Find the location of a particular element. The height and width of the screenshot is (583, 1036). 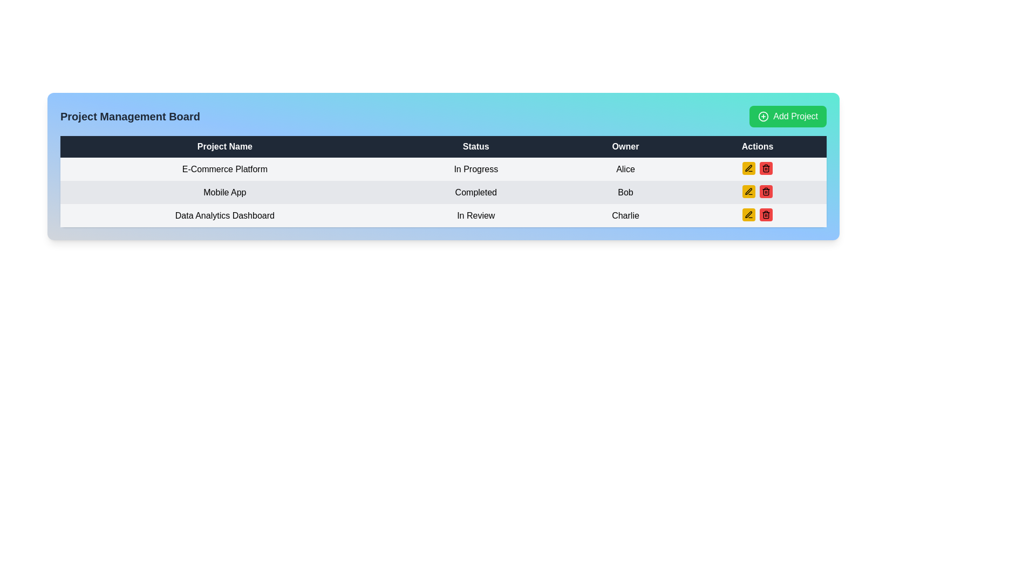

the trash can icon button that deletes the 'Mobile App' entry to indicate focus is located at coordinates (766, 214).